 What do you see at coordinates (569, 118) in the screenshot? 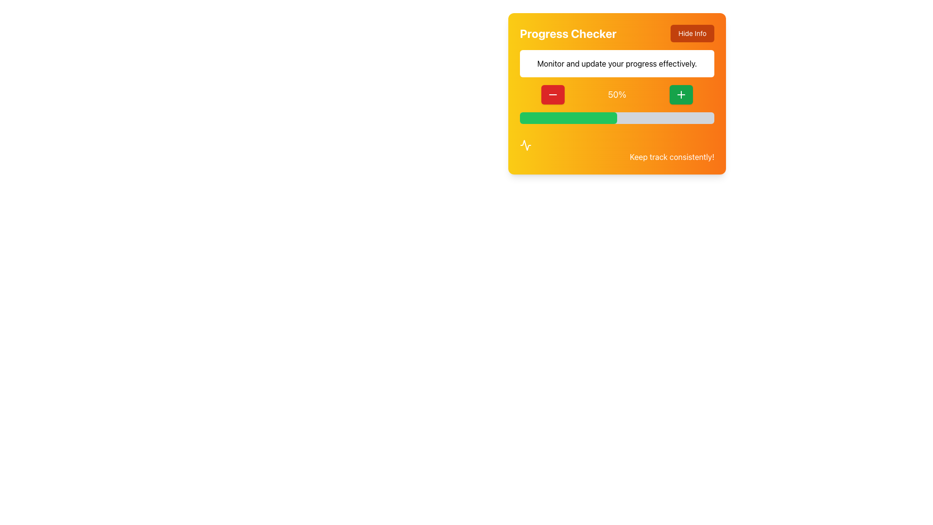
I see `the green segment of the progress indicator, which represents the current progress within the grey progress bar located at the bottom of the yellow panel` at bounding box center [569, 118].